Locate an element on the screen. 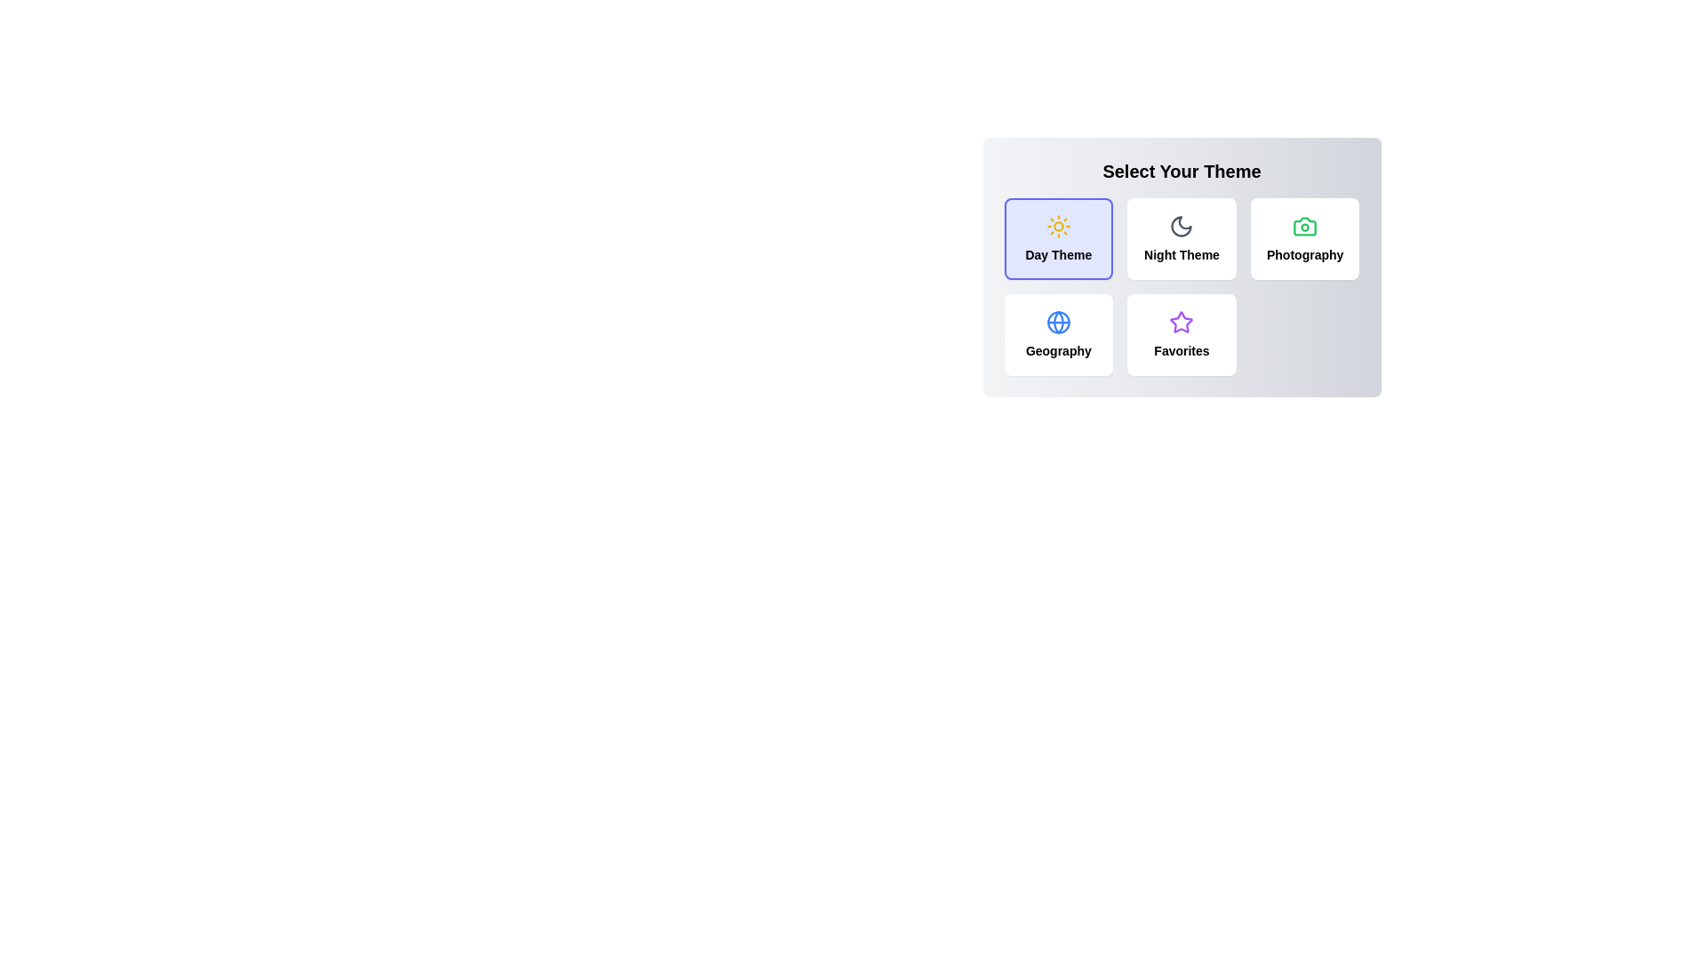  the small circular graphical component located at the center of the sun icon associated with the 'Day Theme' button, which is part of the 'Select Your Theme' options is located at coordinates (1058, 225).